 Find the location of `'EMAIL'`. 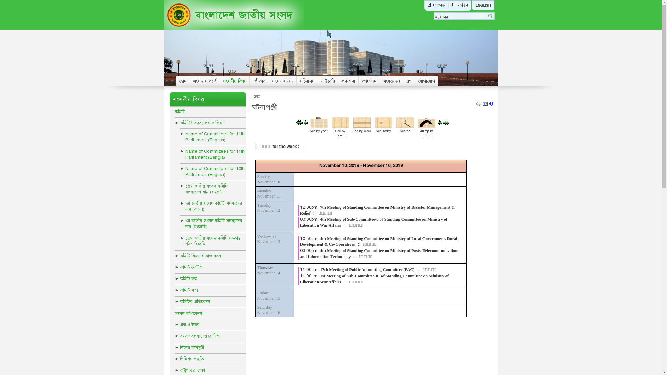

'EMAIL' is located at coordinates (485, 106).